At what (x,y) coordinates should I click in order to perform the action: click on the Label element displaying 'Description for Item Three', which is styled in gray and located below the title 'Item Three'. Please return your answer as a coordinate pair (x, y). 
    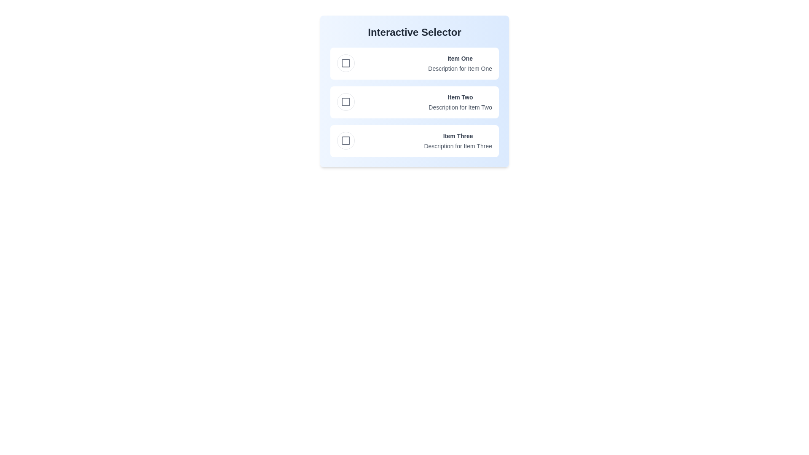
    Looking at the image, I should click on (458, 146).